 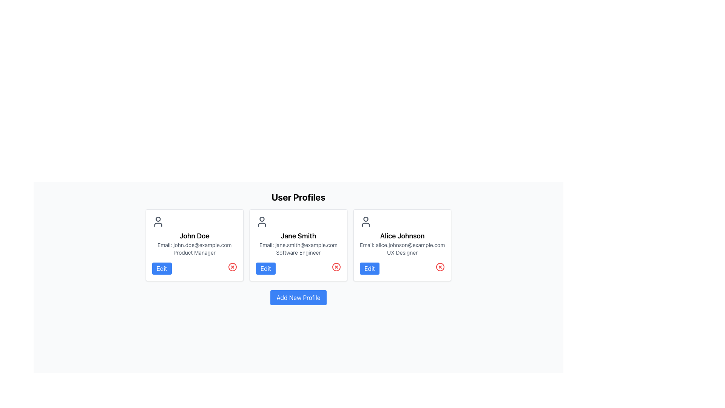 What do you see at coordinates (366, 224) in the screenshot?
I see `the lower part of the user profile icon for 'Alice Johnson' located in the top-left corner of the profile card` at bounding box center [366, 224].